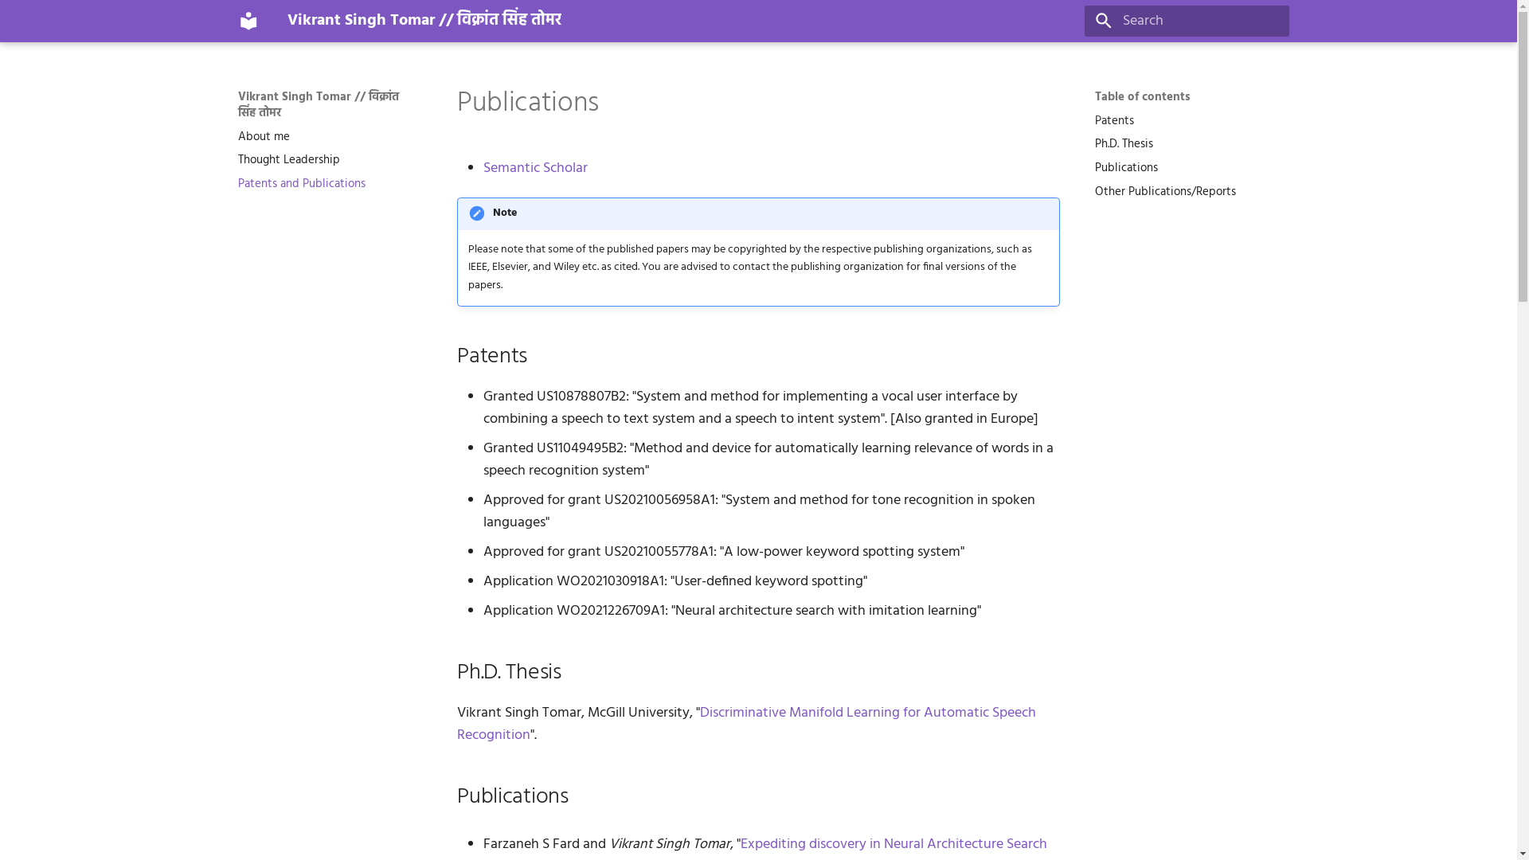 The width and height of the screenshot is (1529, 860). What do you see at coordinates (535, 168) in the screenshot?
I see `'Semantic Scholar'` at bounding box center [535, 168].